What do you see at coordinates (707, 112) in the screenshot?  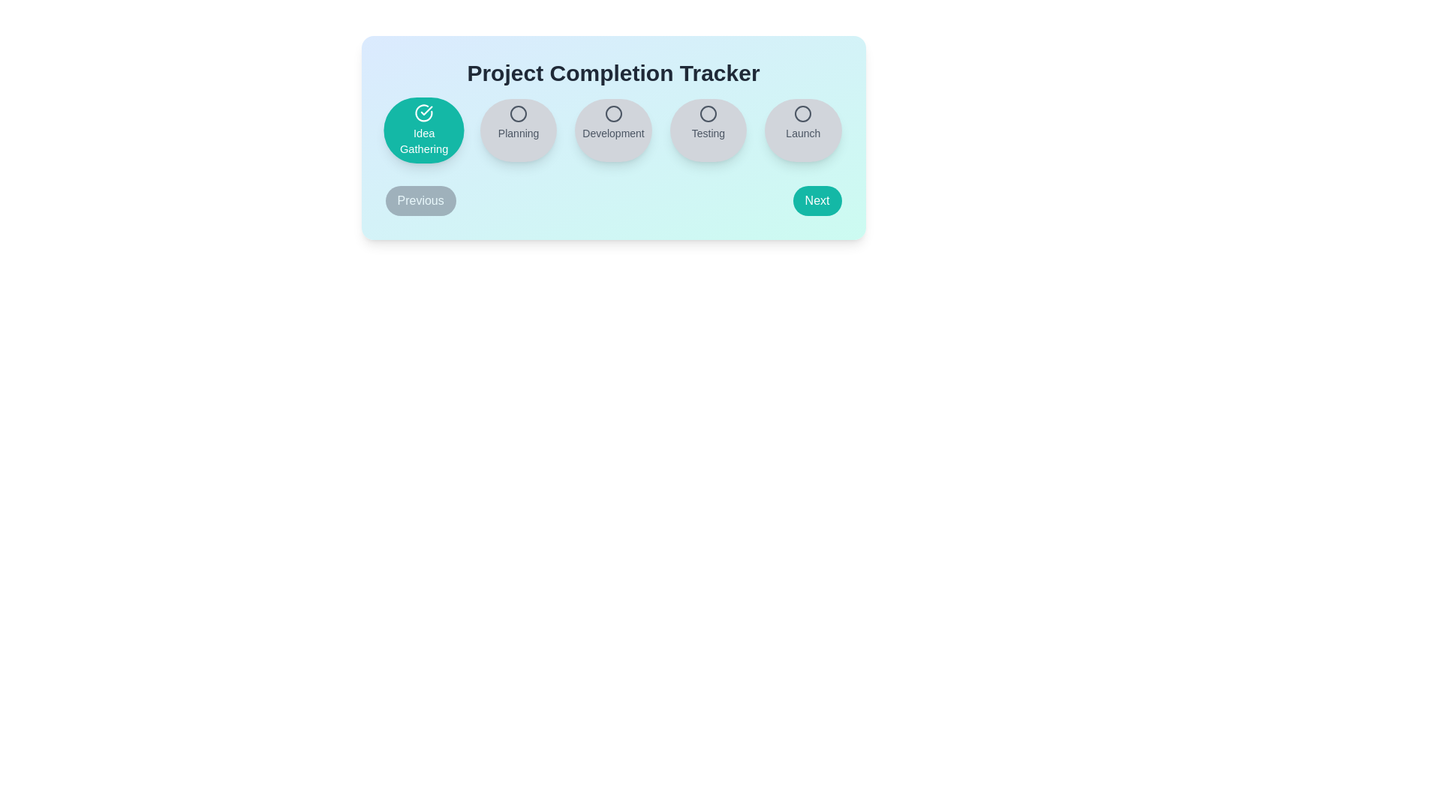 I see `the 'Testing' phase icon` at bounding box center [707, 112].